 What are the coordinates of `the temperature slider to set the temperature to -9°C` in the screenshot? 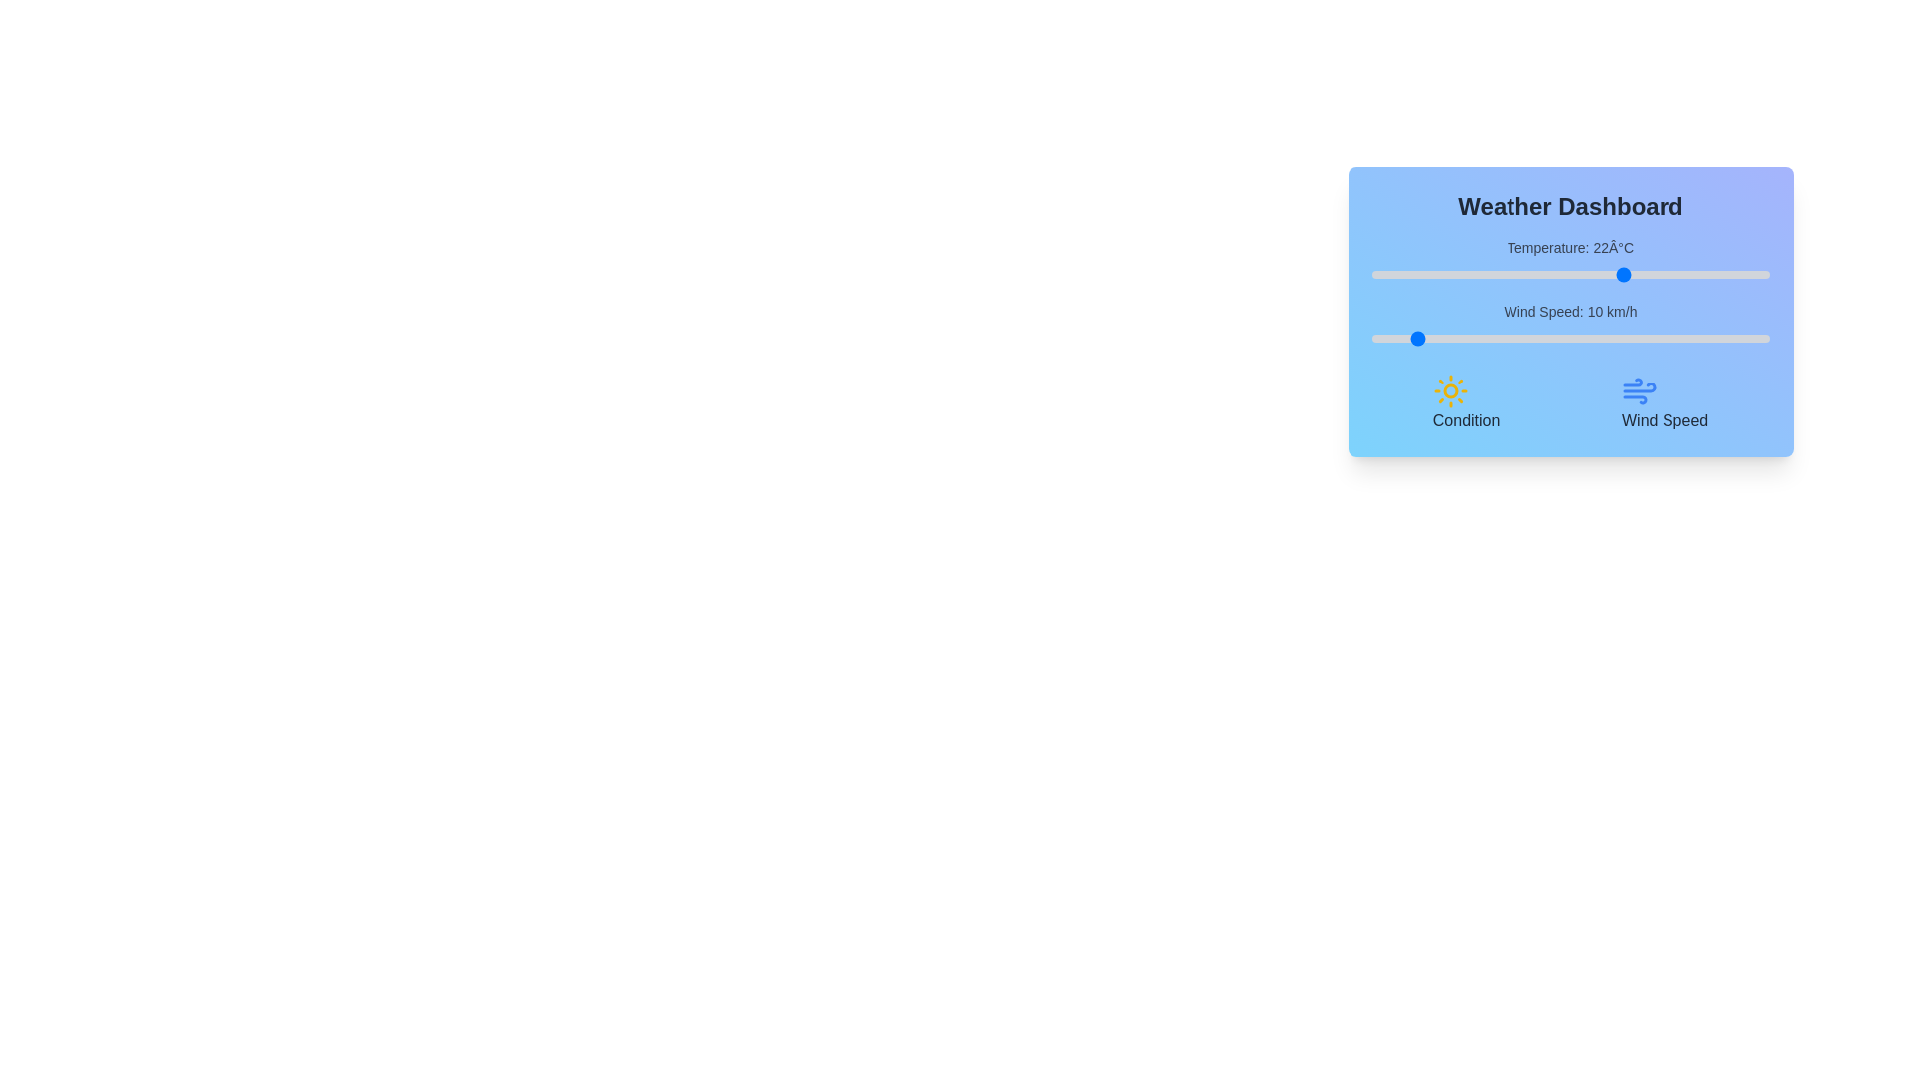 It's located at (1378, 275).